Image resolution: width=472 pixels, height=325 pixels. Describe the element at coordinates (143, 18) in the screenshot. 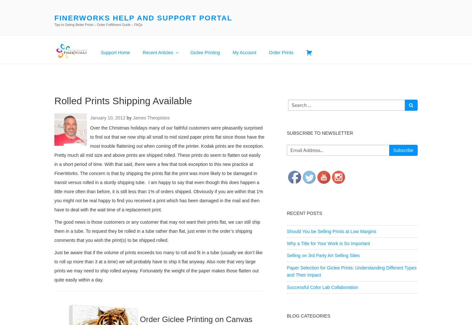

I see `'FinerWorks Help and Support Portal'` at that location.